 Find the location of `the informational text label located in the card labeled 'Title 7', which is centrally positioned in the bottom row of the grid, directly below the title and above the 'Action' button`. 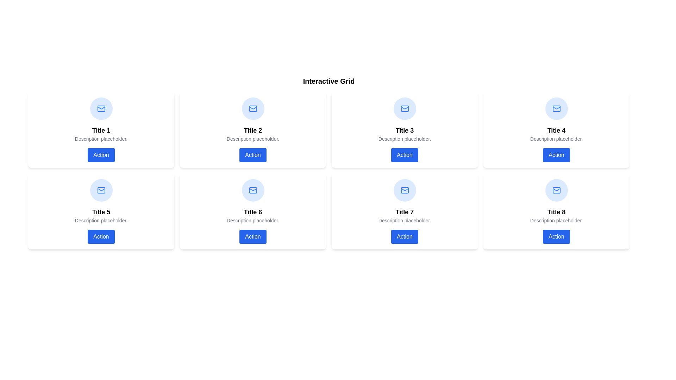

the informational text label located in the card labeled 'Title 7', which is centrally positioned in the bottom row of the grid, directly below the title and above the 'Action' button is located at coordinates (405, 220).